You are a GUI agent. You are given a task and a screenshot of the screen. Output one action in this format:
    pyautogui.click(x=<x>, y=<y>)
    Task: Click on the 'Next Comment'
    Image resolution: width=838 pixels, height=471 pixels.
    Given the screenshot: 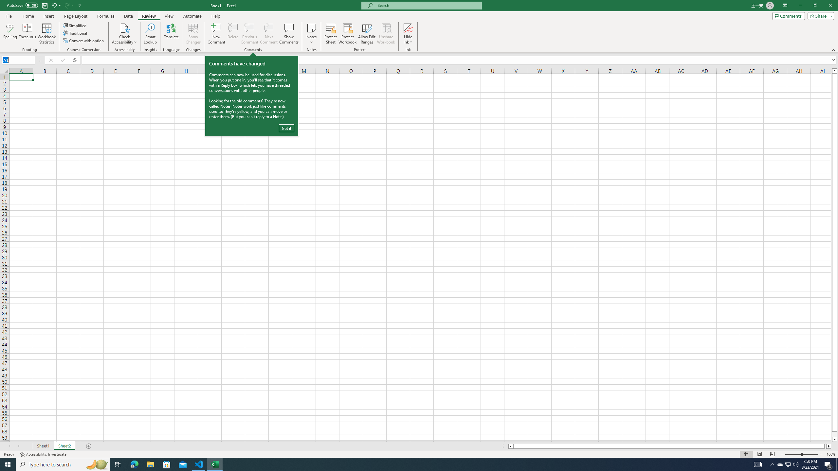 What is the action you would take?
    pyautogui.click(x=268, y=34)
    